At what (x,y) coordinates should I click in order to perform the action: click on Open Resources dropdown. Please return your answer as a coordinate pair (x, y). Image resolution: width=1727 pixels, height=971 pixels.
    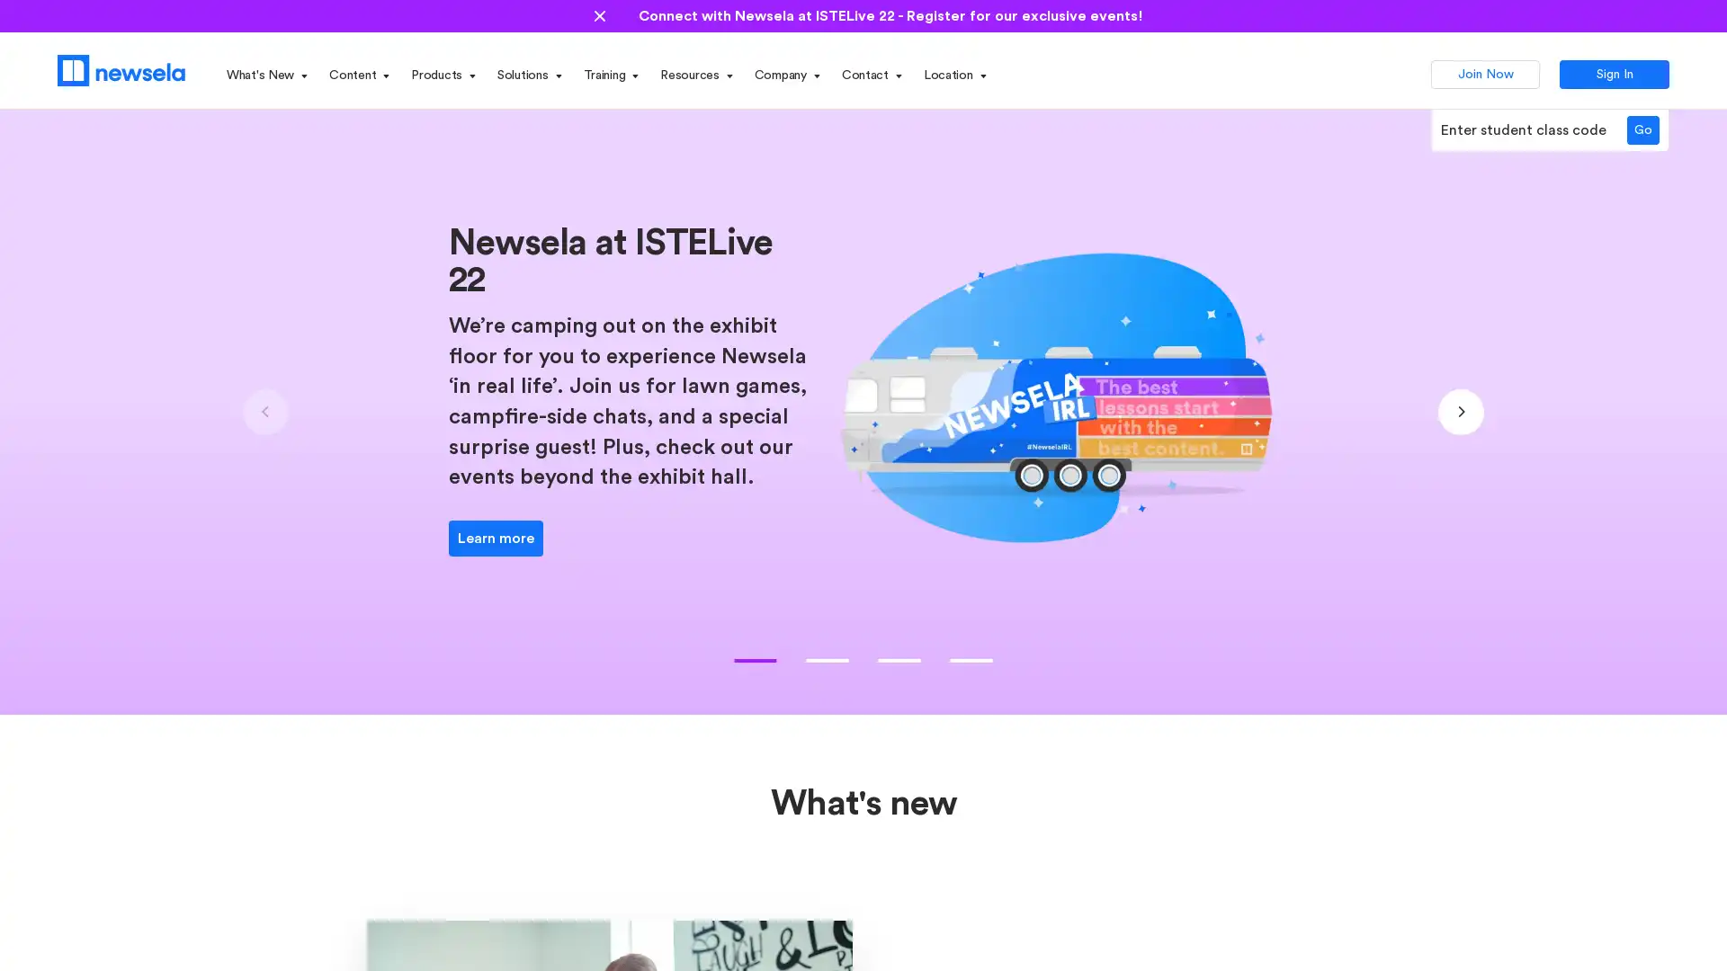
    Looking at the image, I should click on (729, 74).